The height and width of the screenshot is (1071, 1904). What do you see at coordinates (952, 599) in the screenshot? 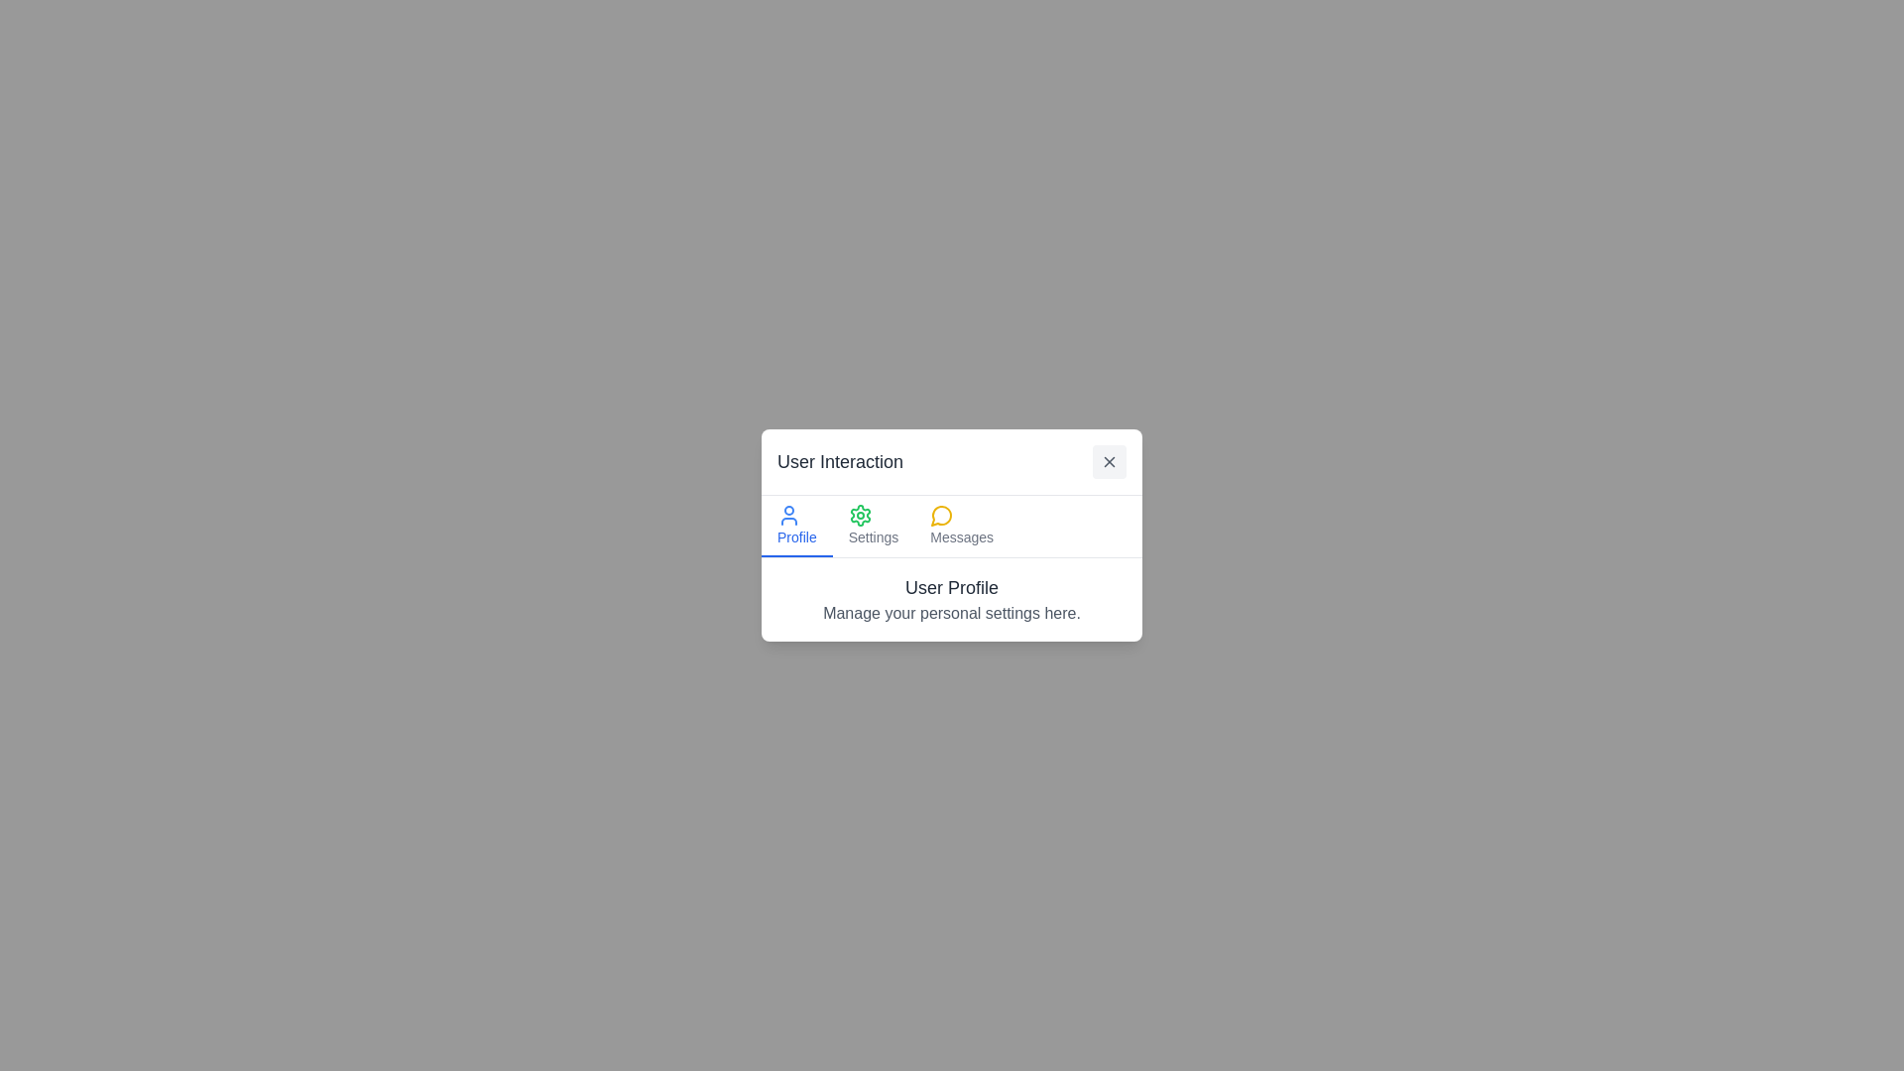
I see `the header and description section that introduces the 'User Profile' functionality, located at the bottom of the 'User Interaction' popup` at bounding box center [952, 599].